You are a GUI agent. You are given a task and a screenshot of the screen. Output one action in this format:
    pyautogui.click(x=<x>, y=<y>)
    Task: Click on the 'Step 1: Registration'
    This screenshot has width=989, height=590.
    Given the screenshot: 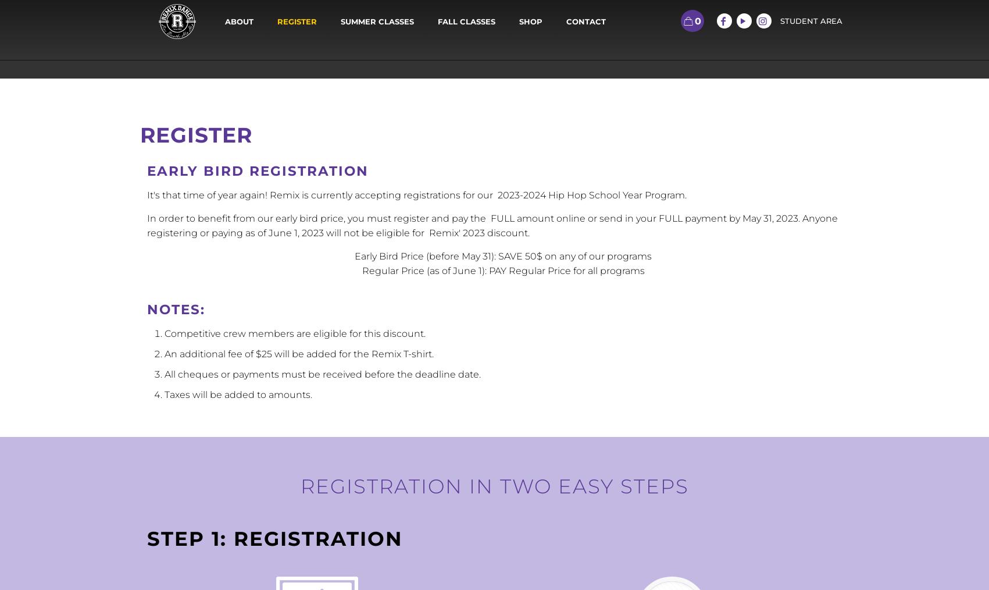 What is the action you would take?
    pyautogui.click(x=273, y=538)
    